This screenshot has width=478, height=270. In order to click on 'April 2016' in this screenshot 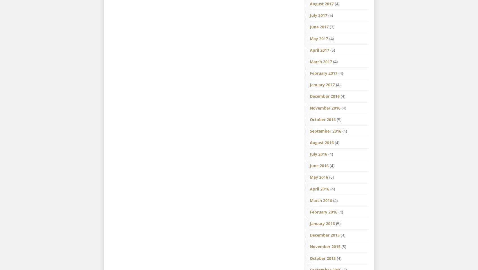, I will do `click(319, 188)`.